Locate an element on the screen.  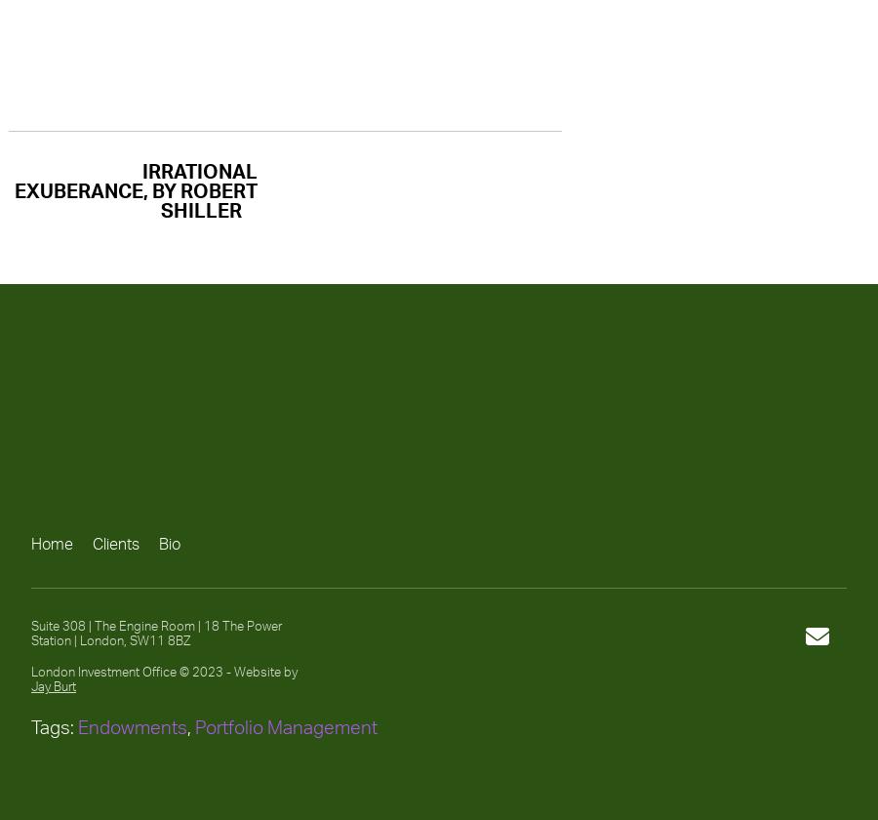
'Suite 308 | The Engine Room | 18 The Power Station | London, SW11 8BZ' is located at coordinates (156, 634).